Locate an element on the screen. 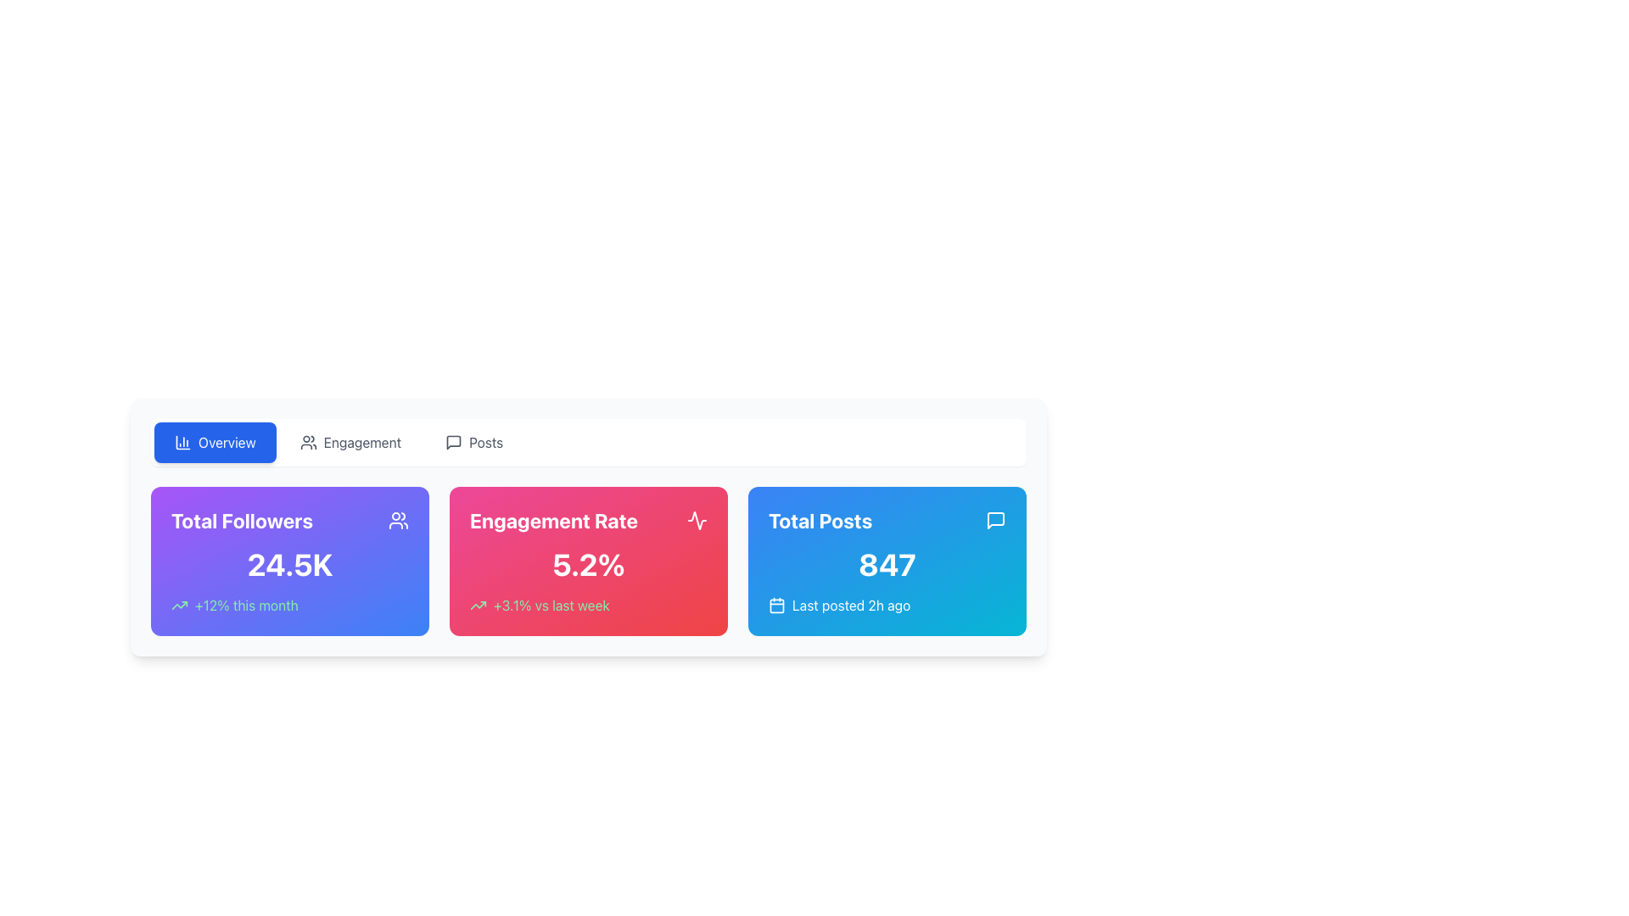  the text label displaying '+12% this month' in light green, which is part of the Total Followers card with a purple background is located at coordinates (245, 604).